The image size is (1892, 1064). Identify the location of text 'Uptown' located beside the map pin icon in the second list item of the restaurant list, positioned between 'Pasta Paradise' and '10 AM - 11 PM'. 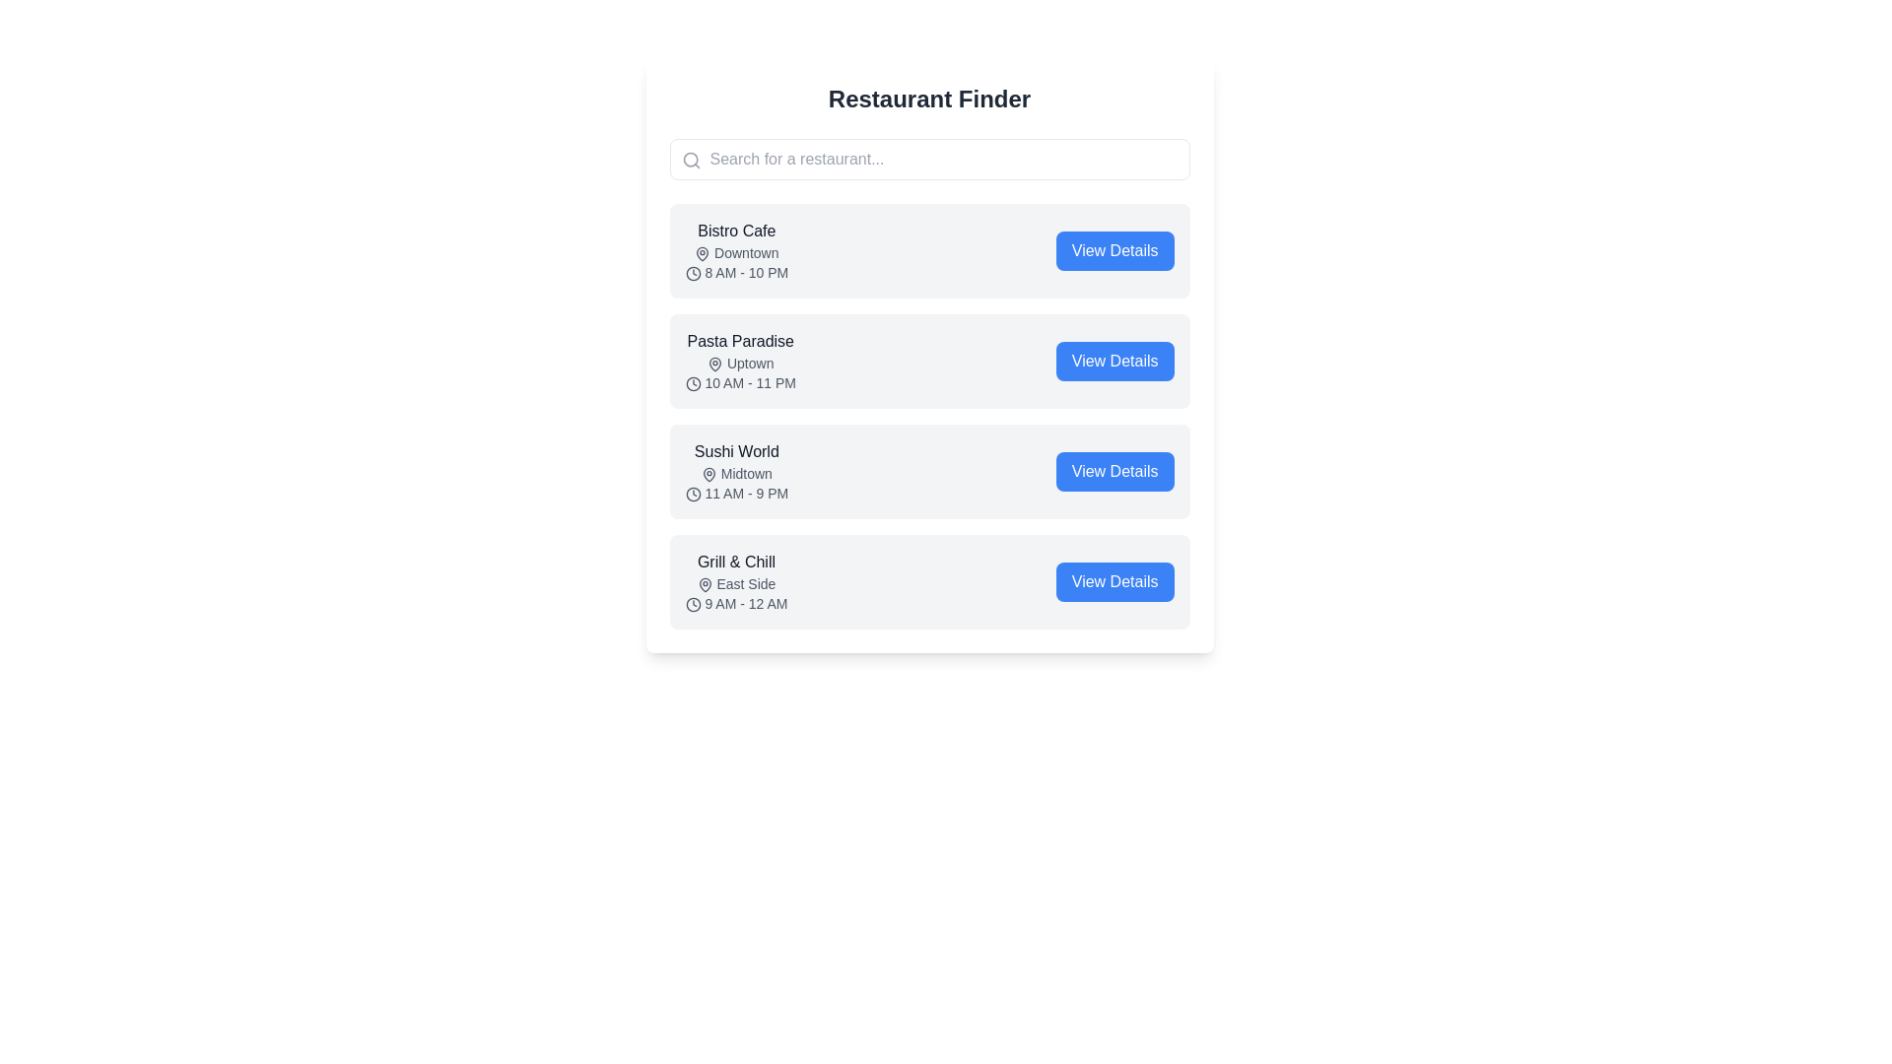
(739, 364).